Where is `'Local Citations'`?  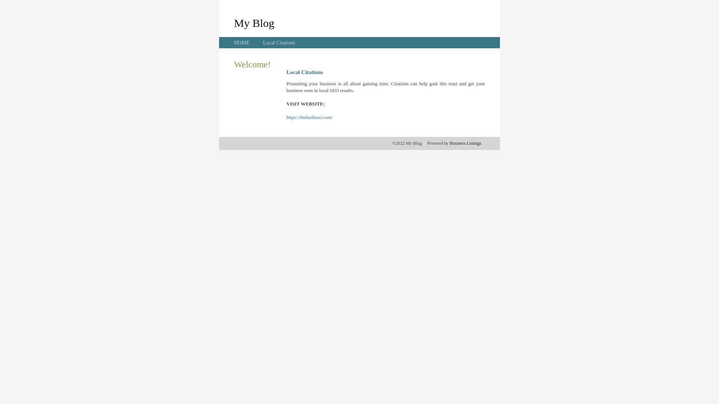
'Local Citations' is located at coordinates (278, 43).